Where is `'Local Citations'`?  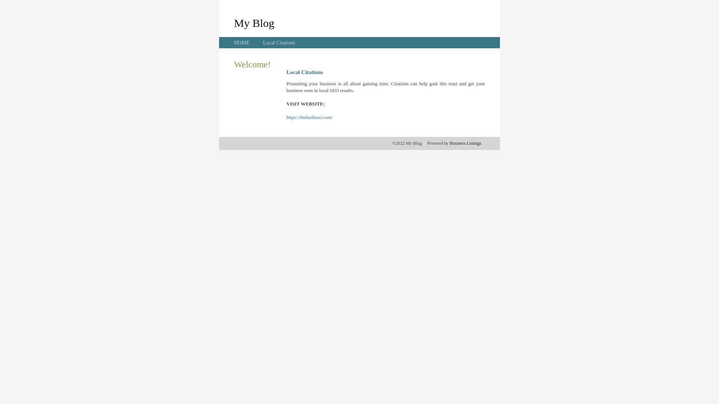
'Local Citations' is located at coordinates (278, 43).